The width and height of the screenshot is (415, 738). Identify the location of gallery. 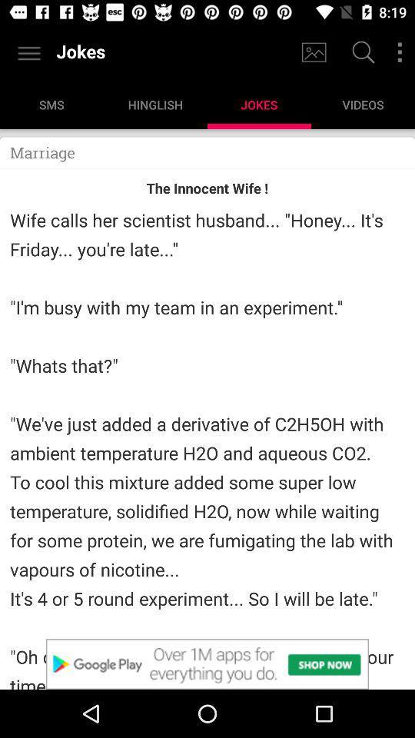
(313, 52).